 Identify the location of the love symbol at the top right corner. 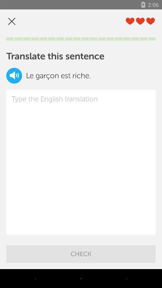
(150, 21).